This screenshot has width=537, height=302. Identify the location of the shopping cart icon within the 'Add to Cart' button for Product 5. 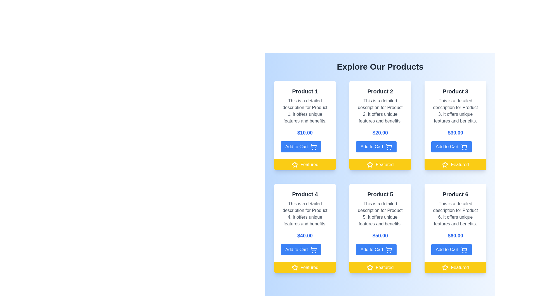
(388, 249).